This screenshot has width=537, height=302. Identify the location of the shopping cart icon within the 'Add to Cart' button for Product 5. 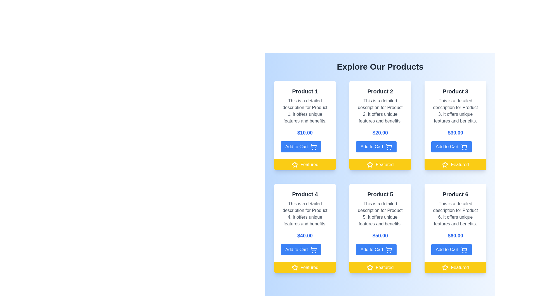
(388, 249).